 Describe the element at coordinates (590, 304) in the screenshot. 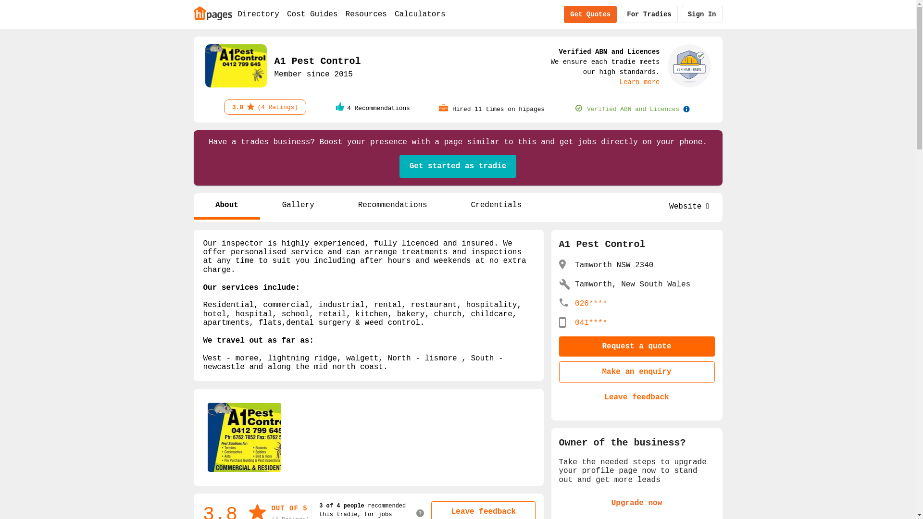

I see `'026****'` at that location.